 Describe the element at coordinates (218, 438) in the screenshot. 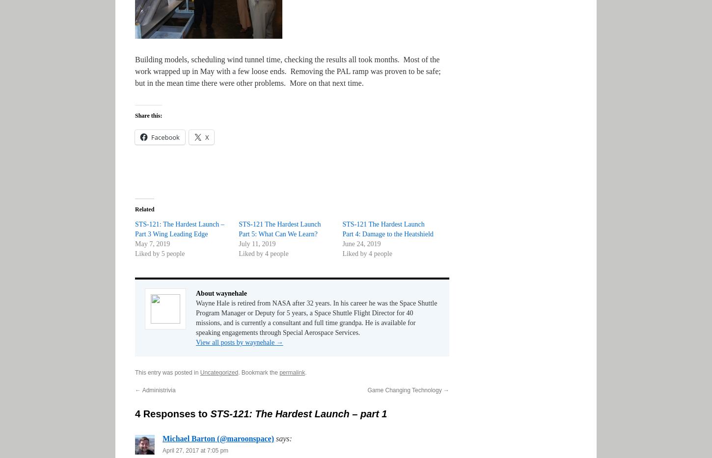

I see `'Michael Barton (@maroonspace)'` at that location.